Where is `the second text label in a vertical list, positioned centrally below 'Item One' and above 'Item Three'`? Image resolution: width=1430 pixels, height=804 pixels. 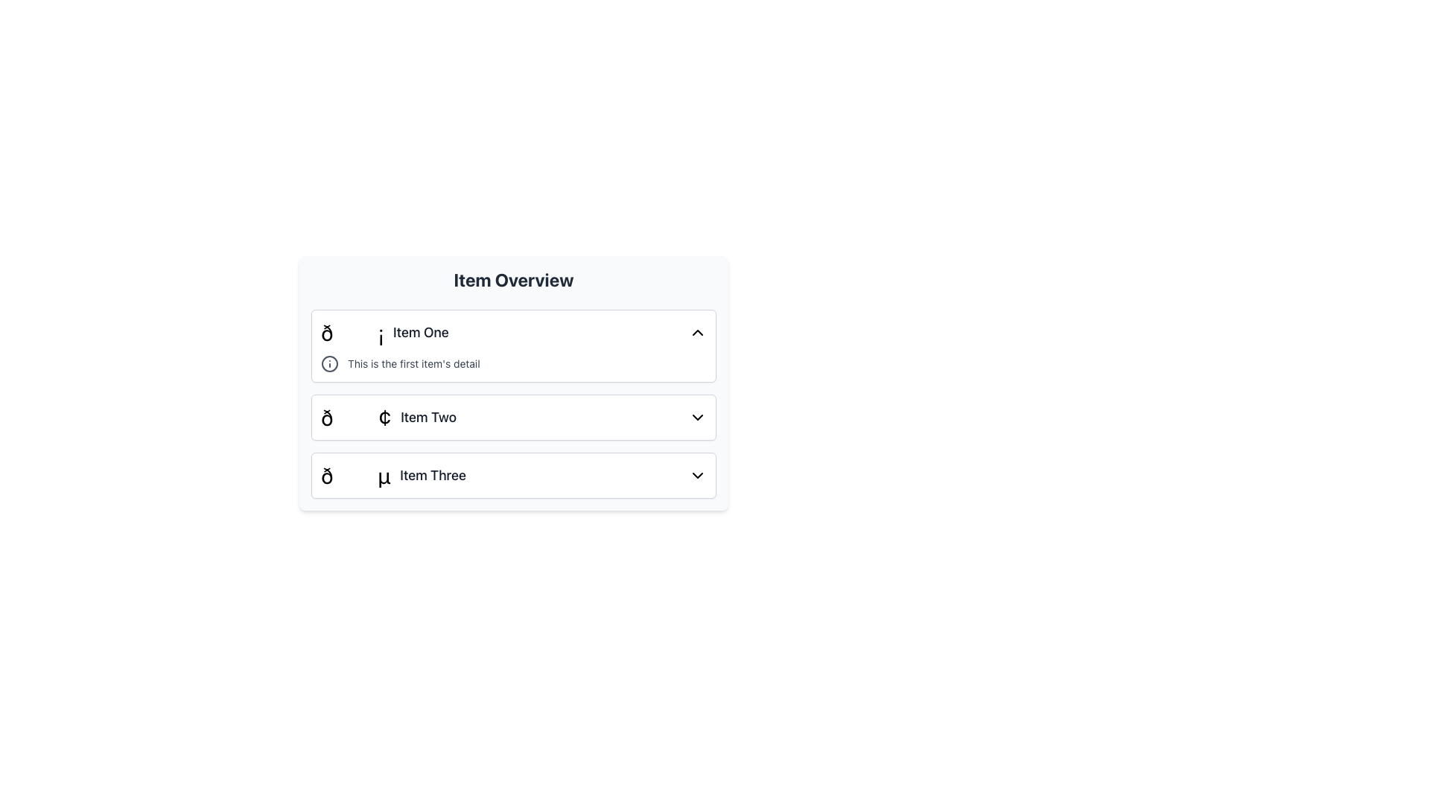
the second text label in a vertical list, positioned centrally below 'Item One' and above 'Item Three' is located at coordinates (428, 417).